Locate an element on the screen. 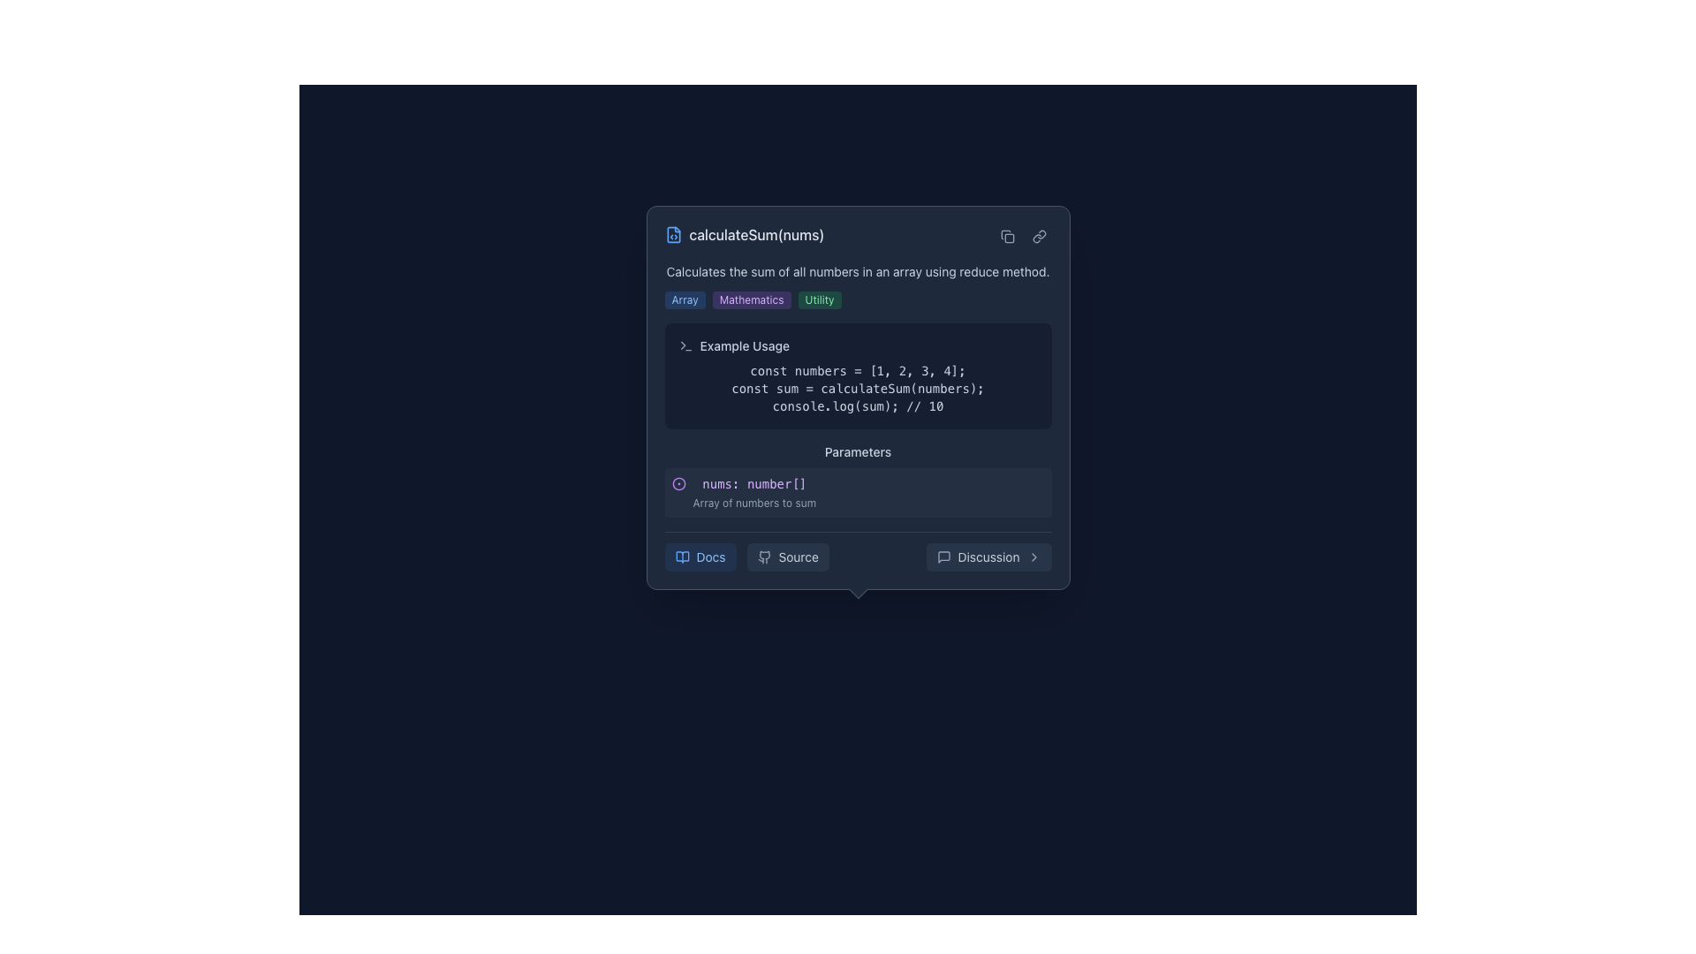 This screenshot has width=1696, height=954. description 'Array of numbers to sum' which is styled with small, light gray text located beneath the parameter type declaration 'nums: number[]' in the Parameters section of the documentation panel is located at coordinates (754, 503).